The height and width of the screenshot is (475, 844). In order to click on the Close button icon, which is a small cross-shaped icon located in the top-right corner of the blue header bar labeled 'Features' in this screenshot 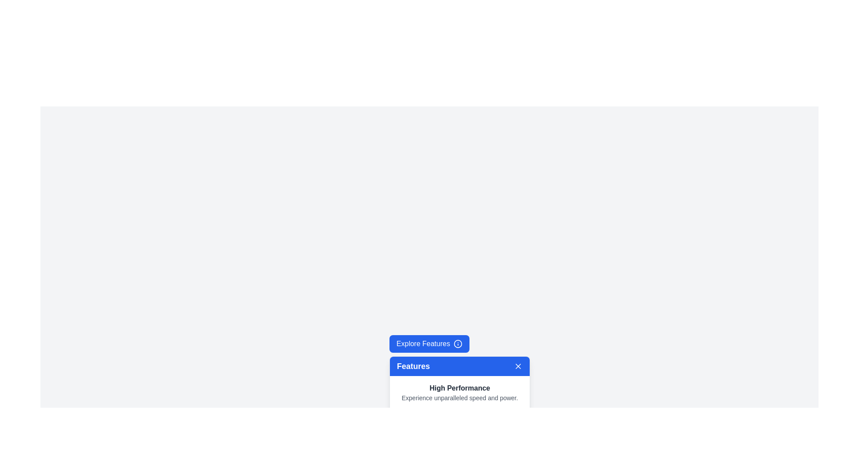, I will do `click(518, 366)`.